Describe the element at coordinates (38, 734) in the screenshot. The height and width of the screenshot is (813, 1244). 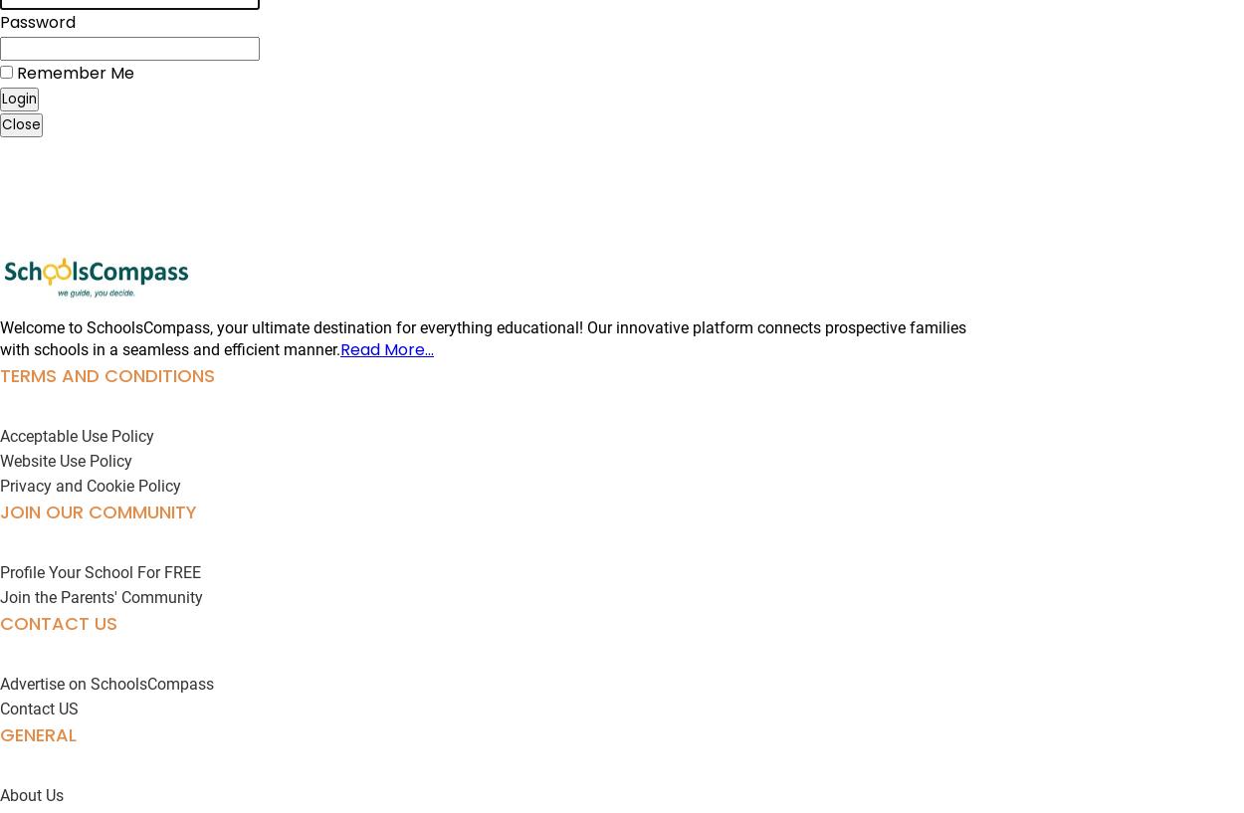
I see `'GENERAL'` at that location.